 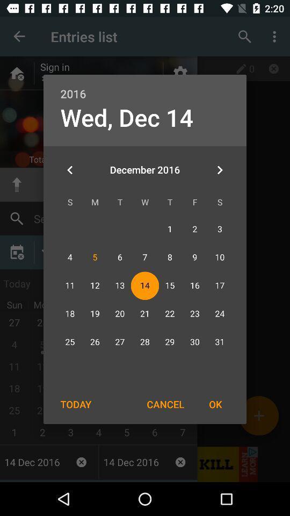 I want to click on the ok item, so click(x=215, y=404).